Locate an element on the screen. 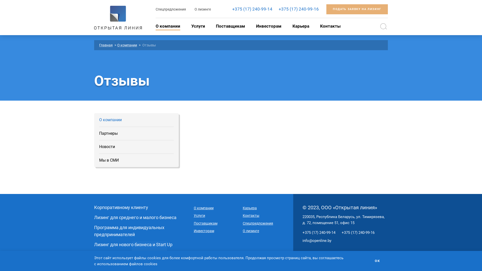 The image size is (482, 271). '+375 (17) 240-99-14' is located at coordinates (252, 9).